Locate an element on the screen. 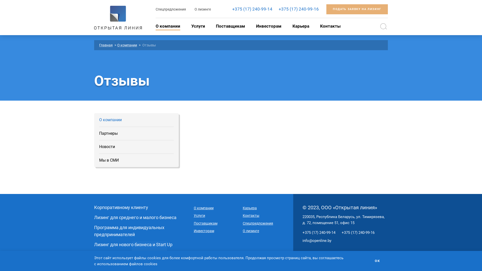 The image size is (482, 271). '+375 (17) 240-99-14' is located at coordinates (252, 9).